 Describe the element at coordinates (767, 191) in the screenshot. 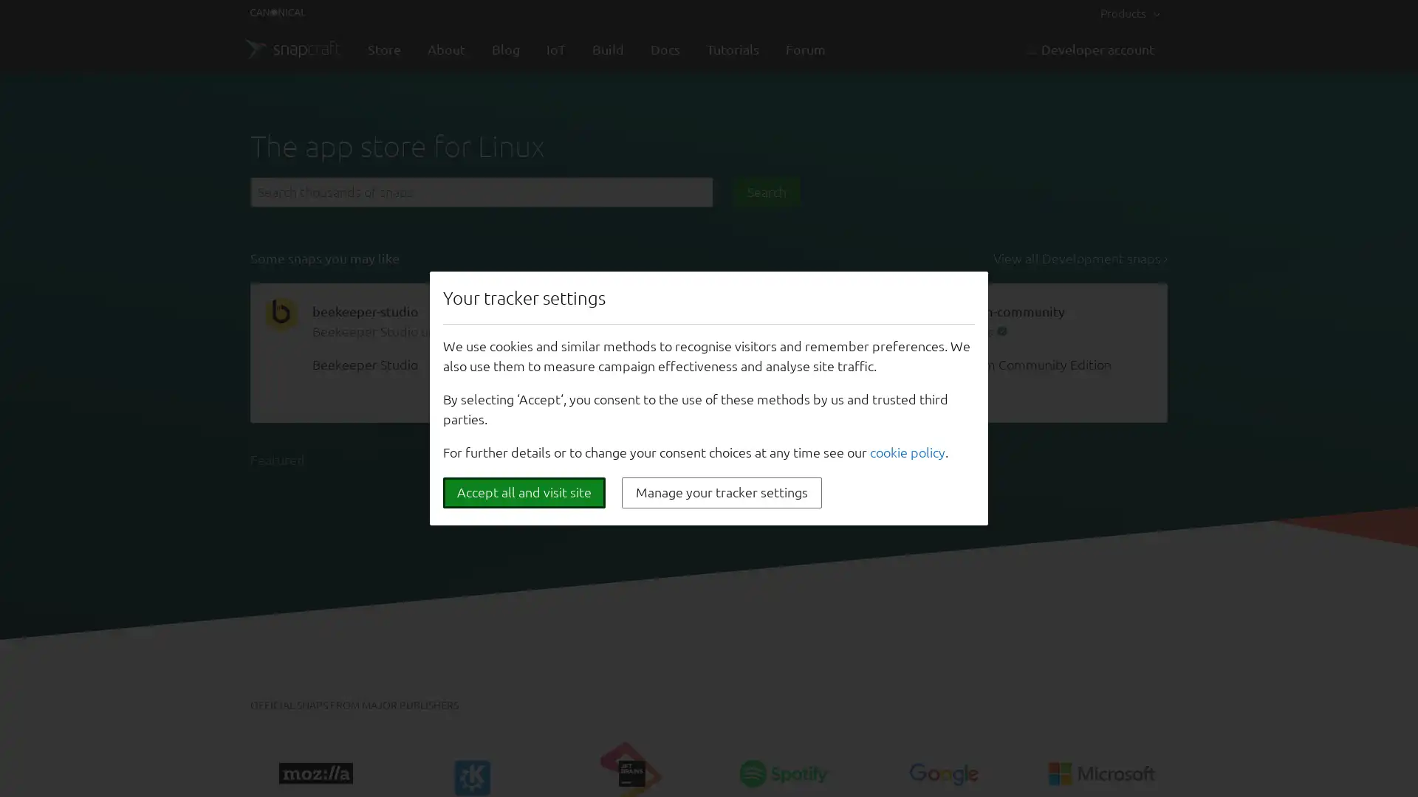

I see `Search` at that location.